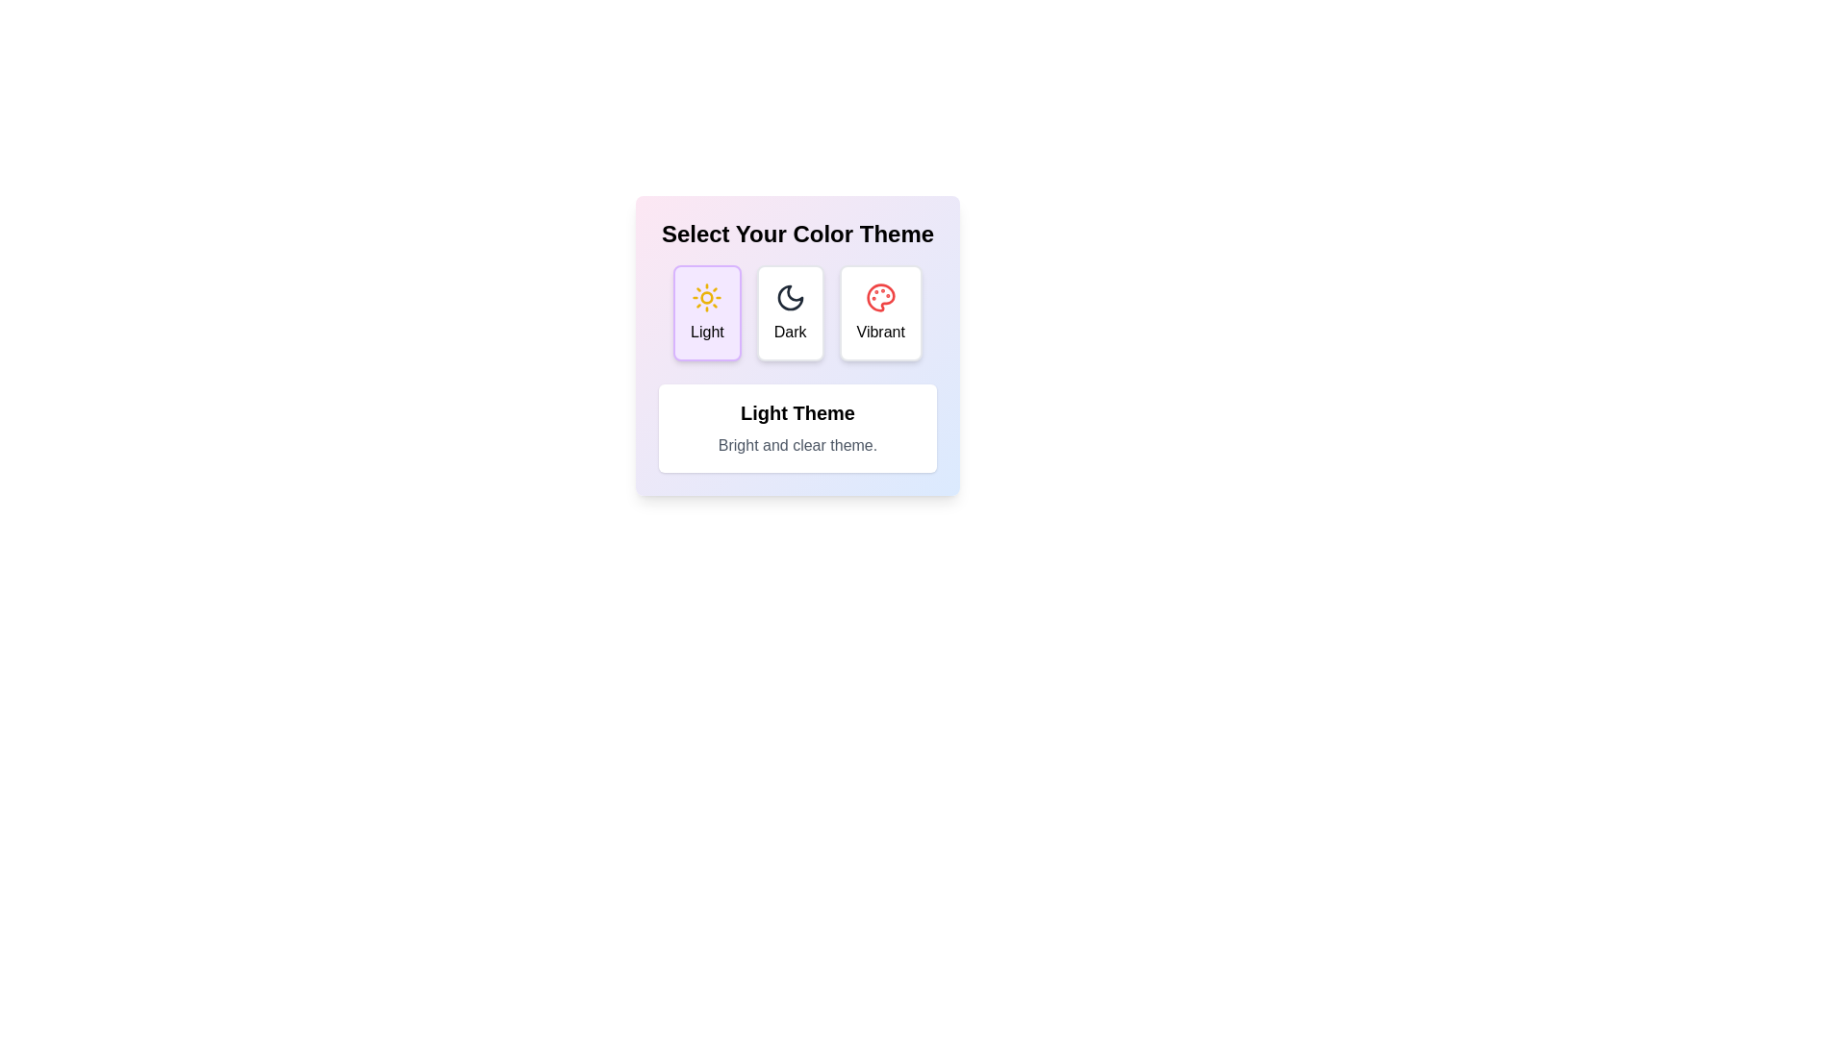 The width and height of the screenshot is (1847, 1038). I want to click on the vibrant red-colored palette icon with a dotted design in the third card labeled 'Vibrant', so click(879, 297).